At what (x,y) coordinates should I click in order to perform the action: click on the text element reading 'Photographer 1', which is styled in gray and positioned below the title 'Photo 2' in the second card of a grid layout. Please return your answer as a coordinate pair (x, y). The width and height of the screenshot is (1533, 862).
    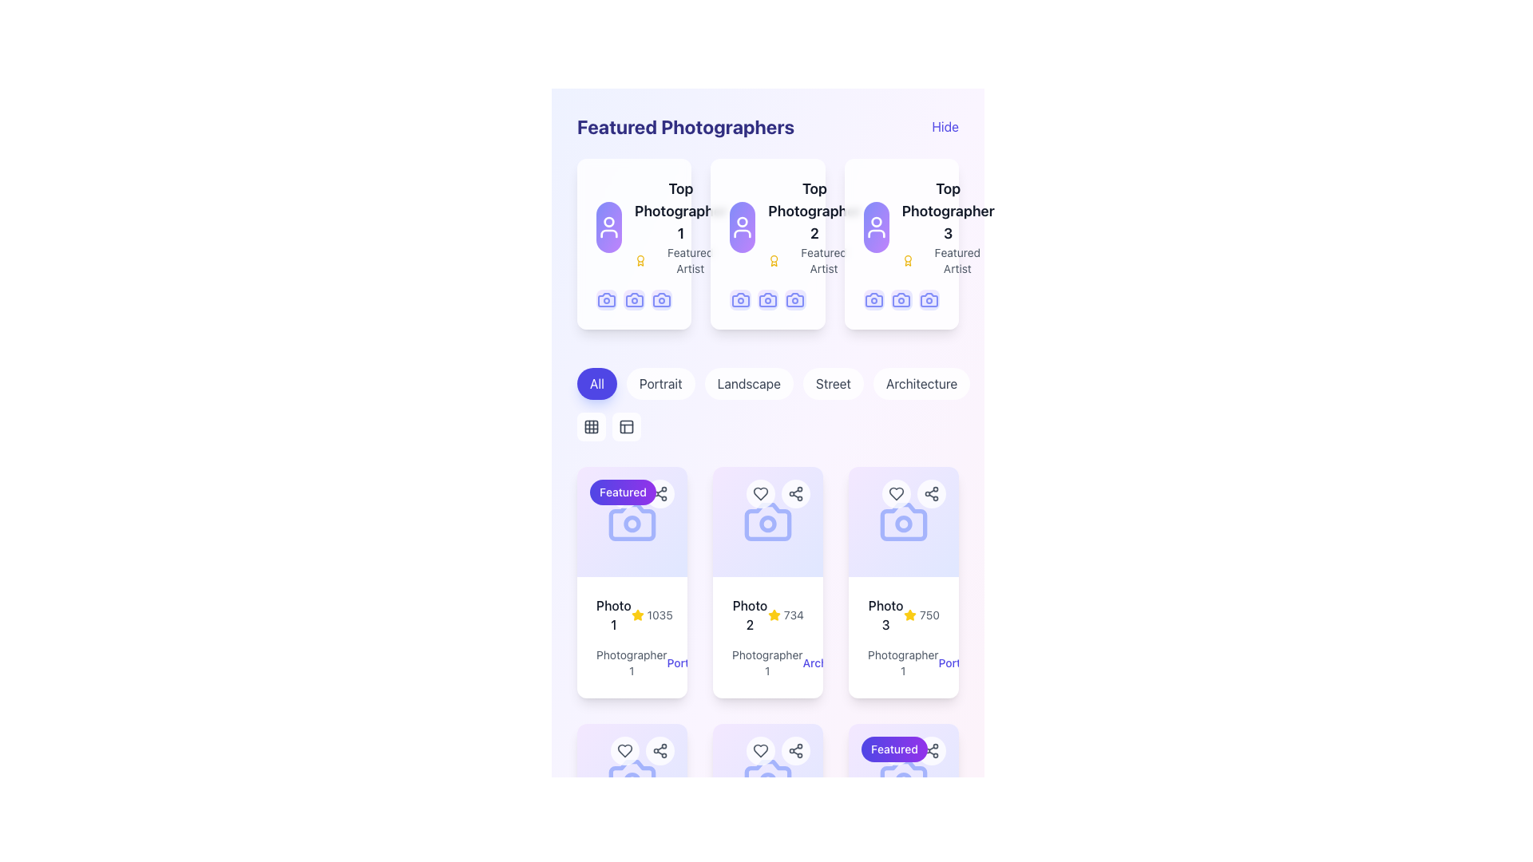
    Looking at the image, I should click on (767, 663).